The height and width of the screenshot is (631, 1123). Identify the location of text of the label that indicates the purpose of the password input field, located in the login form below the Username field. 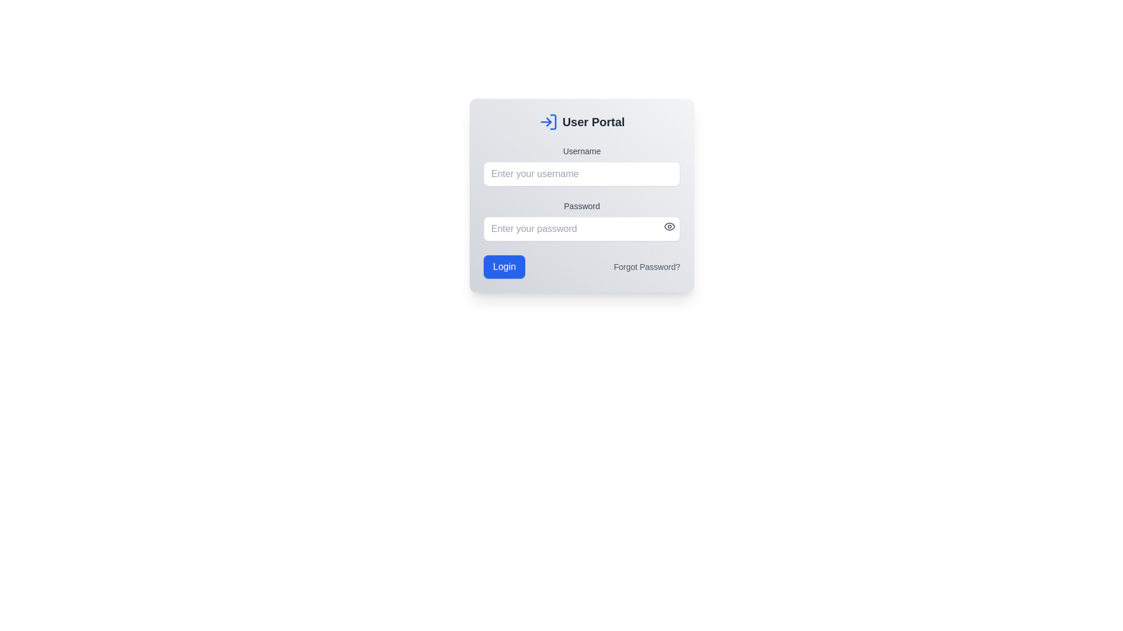
(581, 206).